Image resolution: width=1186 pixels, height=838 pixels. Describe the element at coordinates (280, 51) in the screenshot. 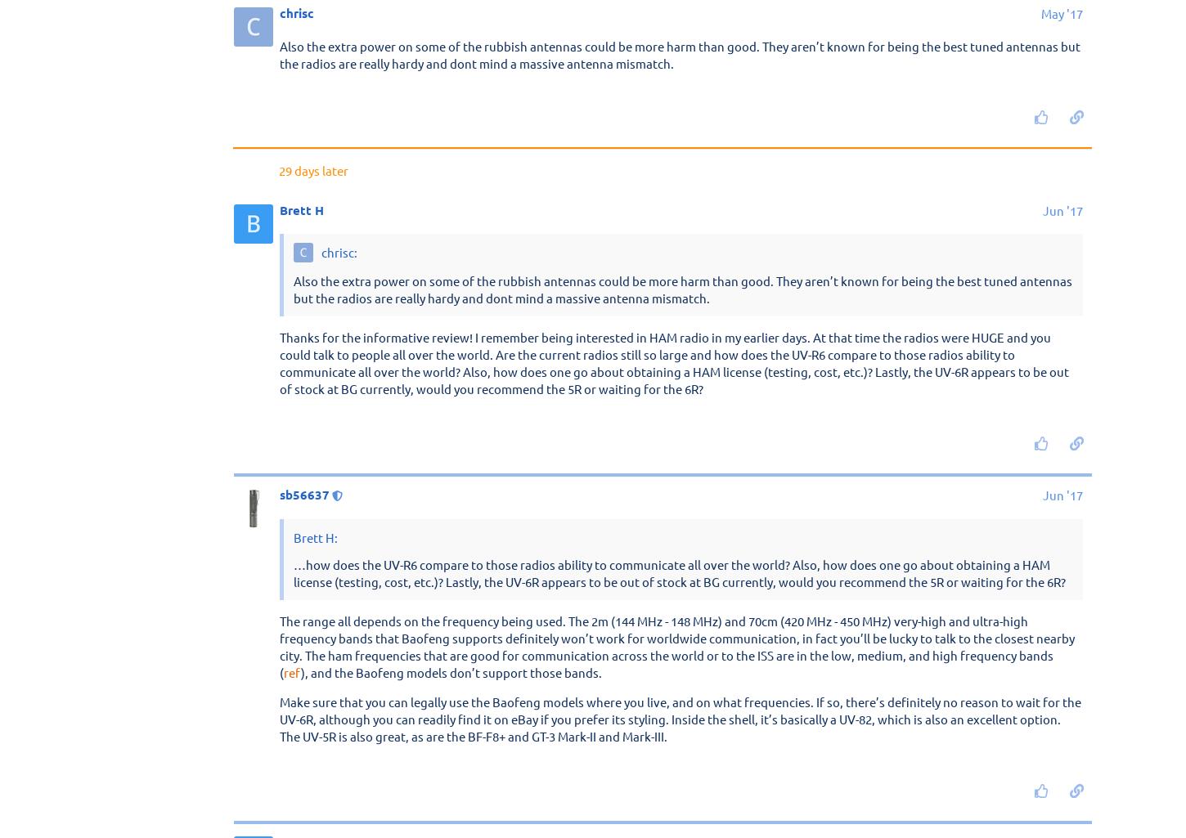

I see `'MILSPEC'` at that location.